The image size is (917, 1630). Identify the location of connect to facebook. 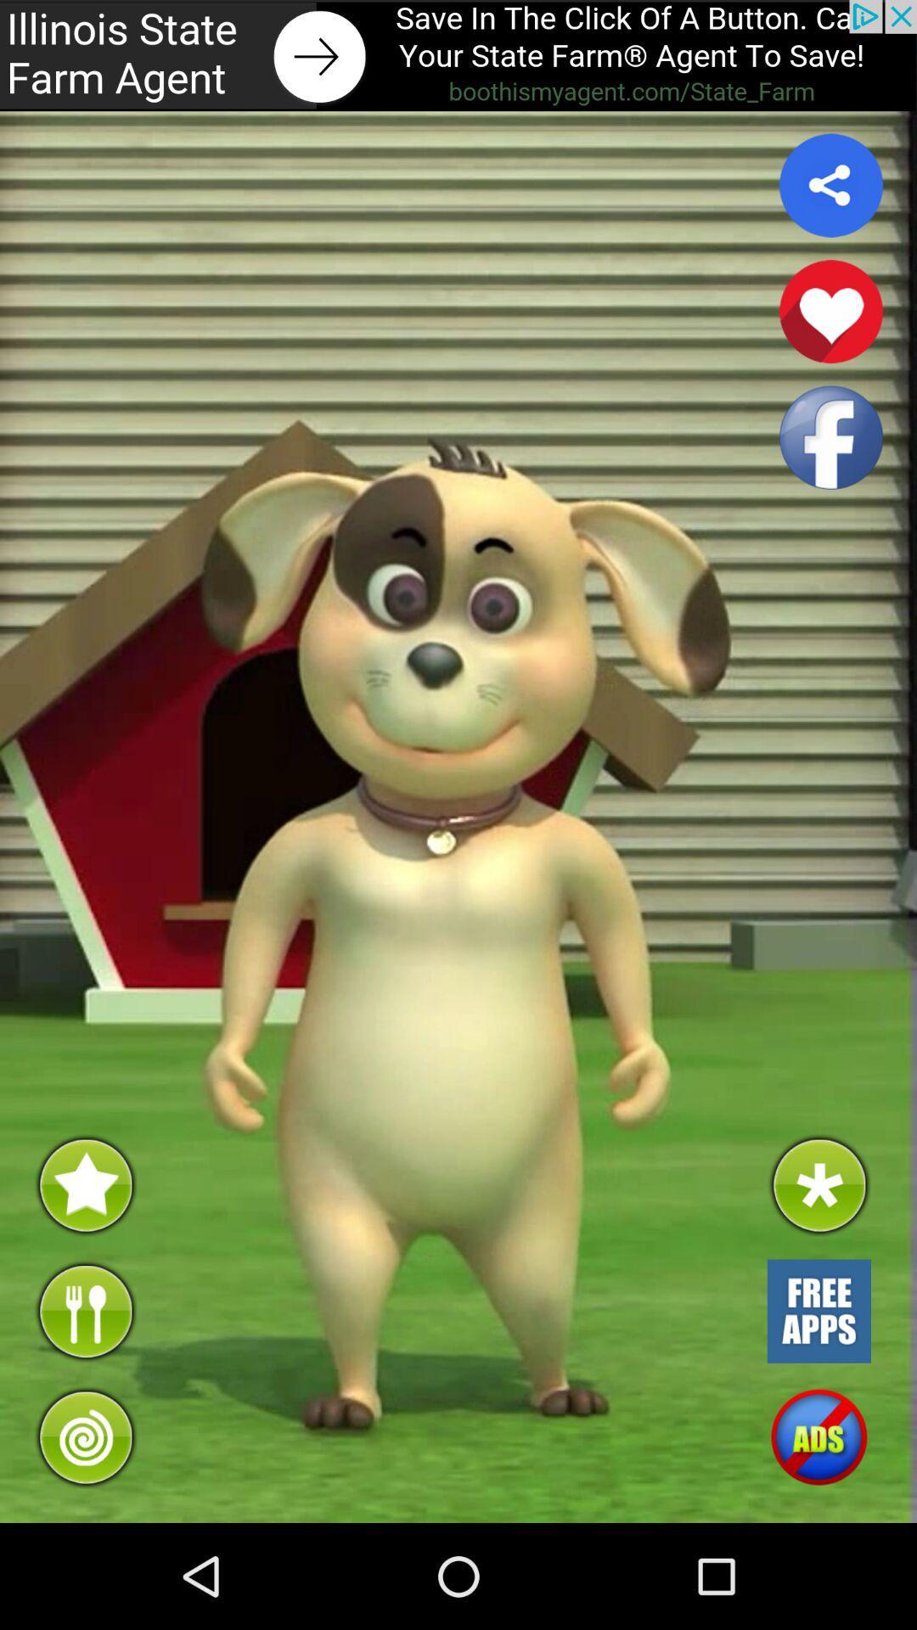
(830, 437).